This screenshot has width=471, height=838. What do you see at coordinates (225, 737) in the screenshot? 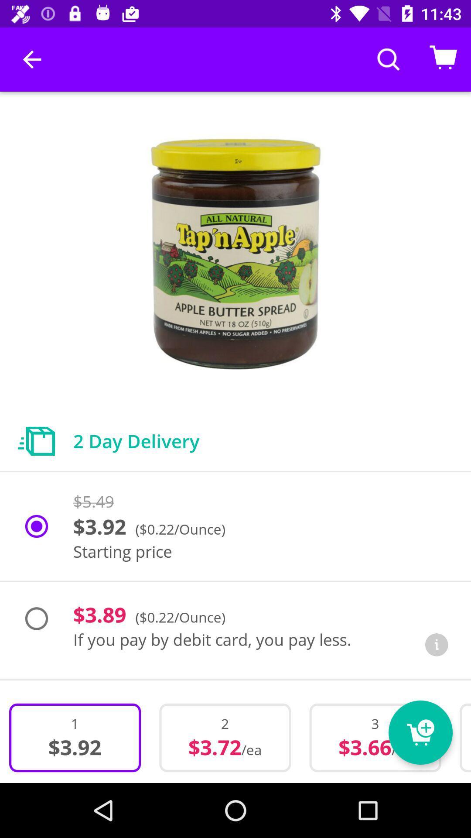
I see `the option which is above the home button` at bounding box center [225, 737].